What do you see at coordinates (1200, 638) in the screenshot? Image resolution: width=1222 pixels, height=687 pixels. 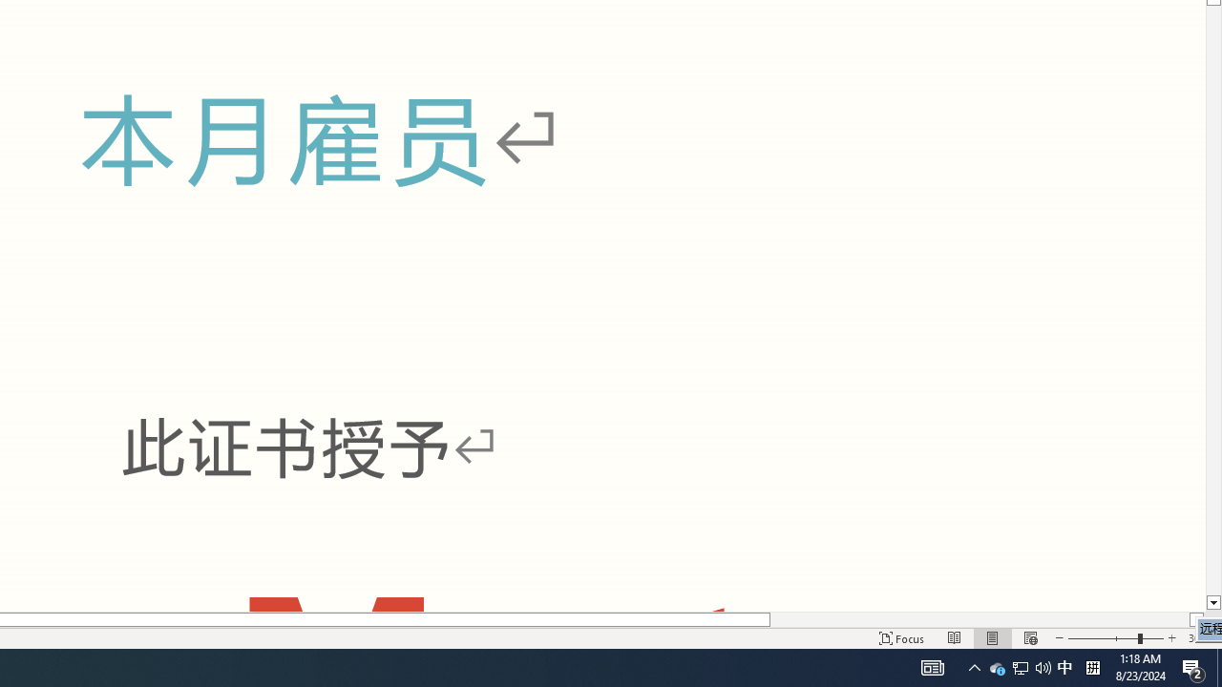 I see `'Zoom 308%'` at bounding box center [1200, 638].